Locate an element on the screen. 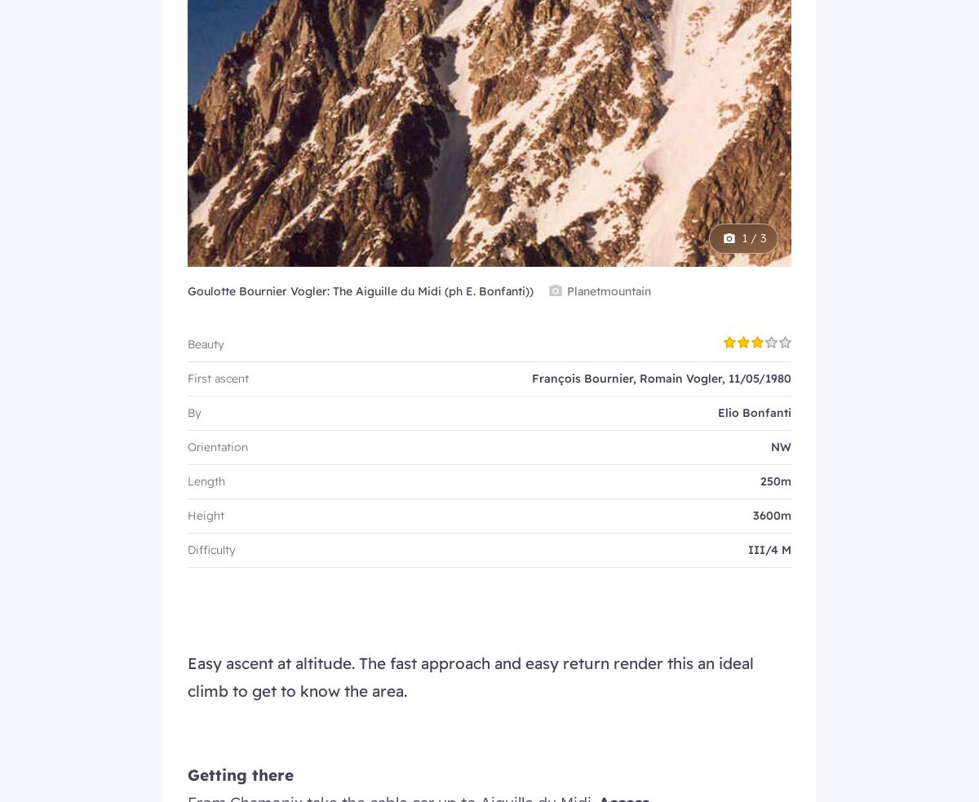 The height and width of the screenshot is (802, 979). 'Show more in Mont Blanc' is located at coordinates (488, 271).